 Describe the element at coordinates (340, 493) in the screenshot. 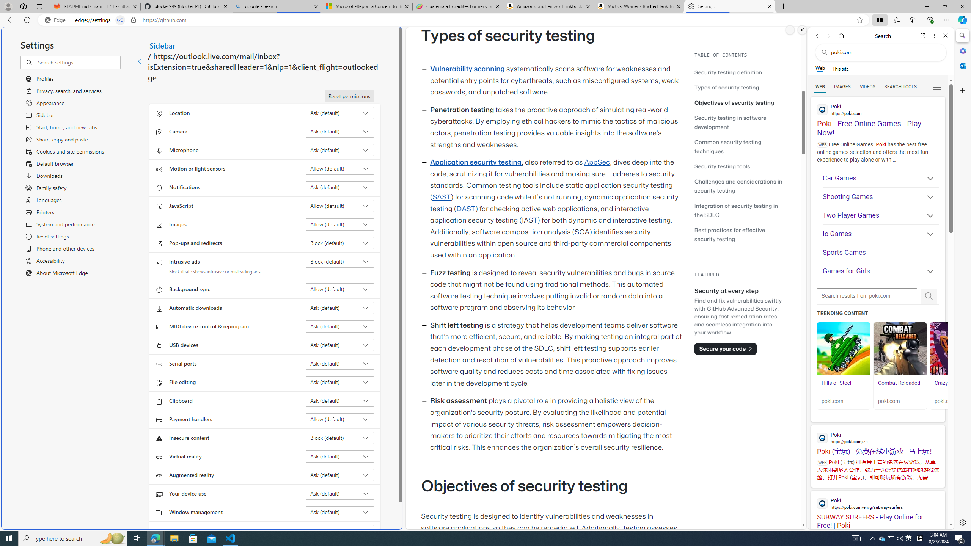

I see `'Your device use Ask (default)'` at that location.